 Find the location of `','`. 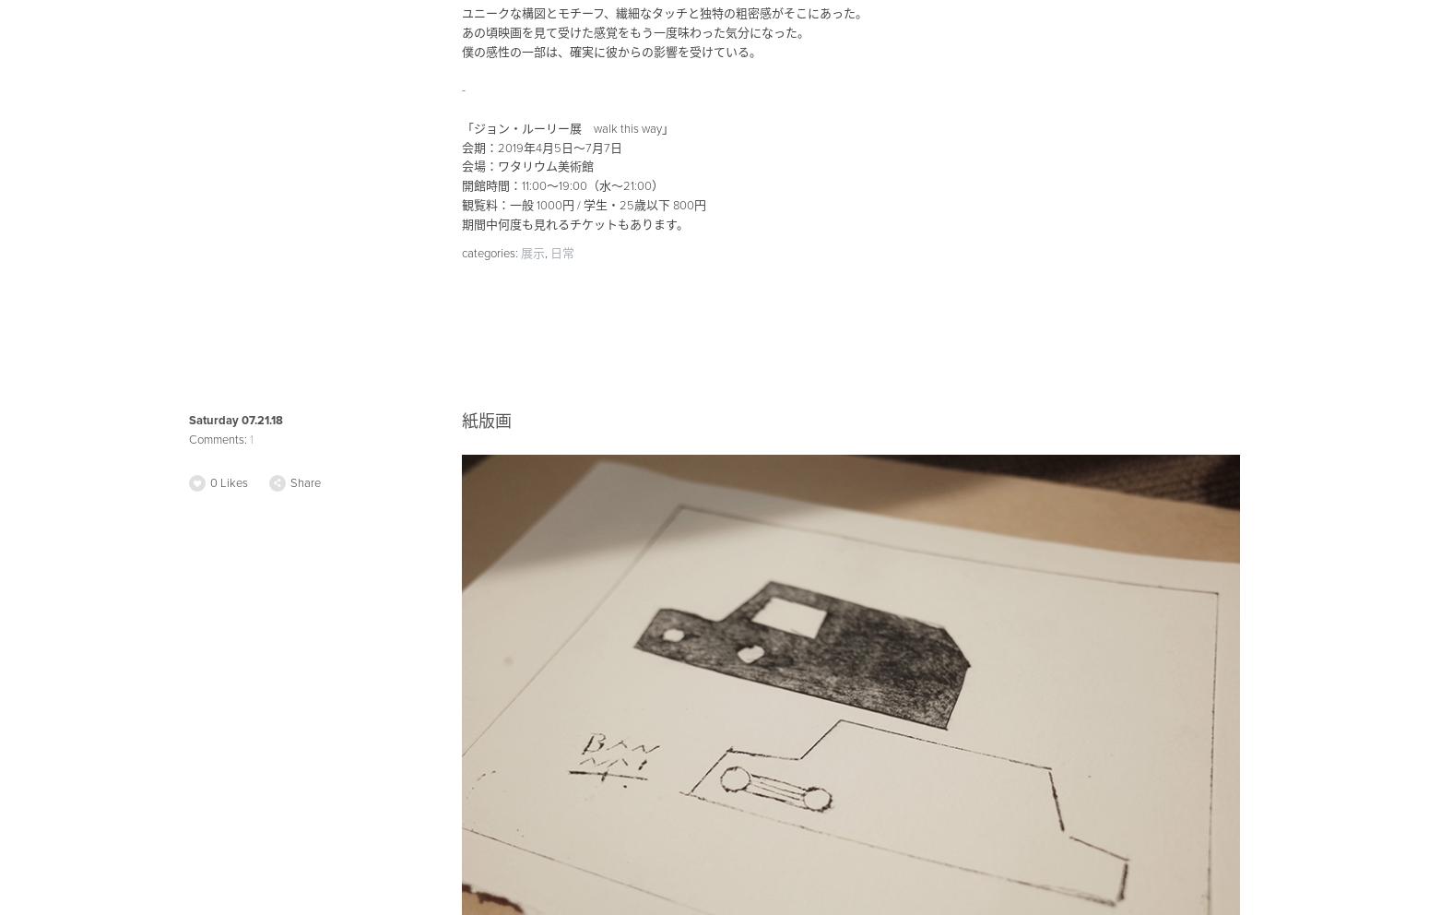

',' is located at coordinates (547, 251).